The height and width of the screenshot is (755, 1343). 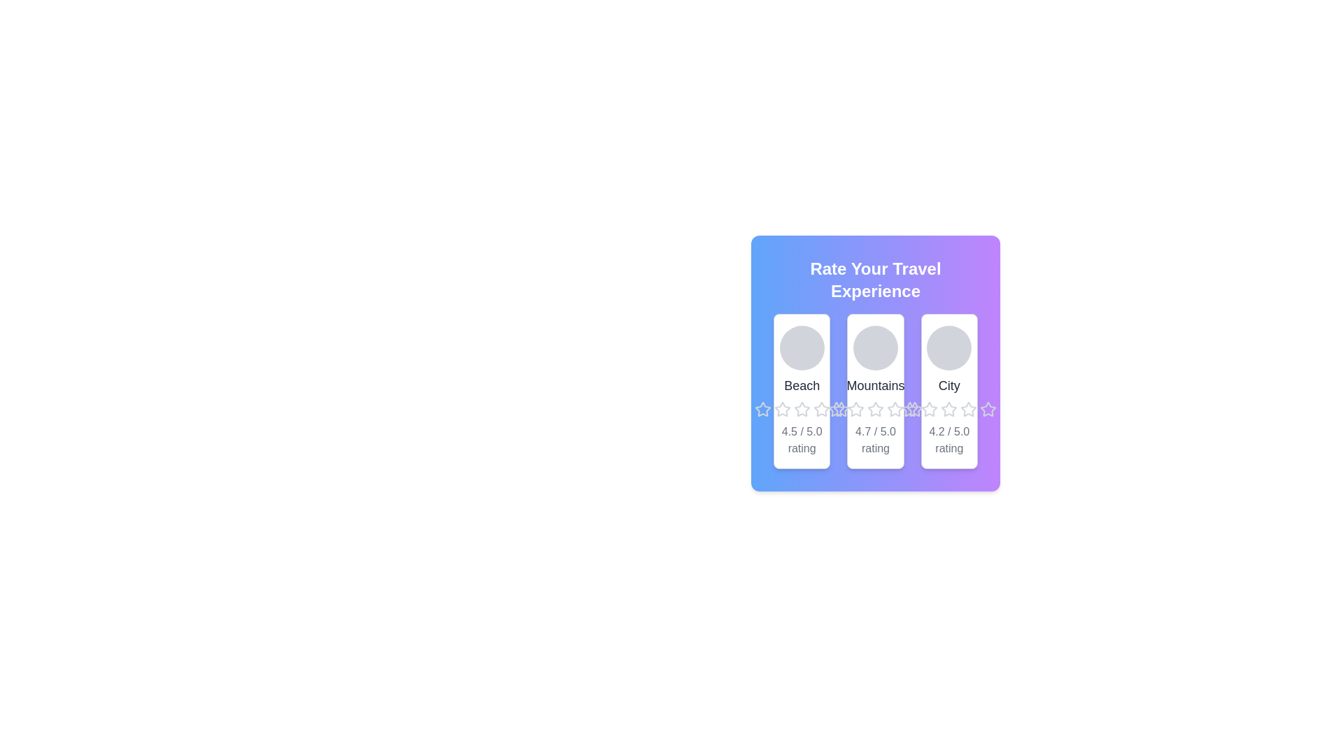 What do you see at coordinates (781, 409) in the screenshot?
I see `the first star in the rating system for the 'Beach' experience` at bounding box center [781, 409].